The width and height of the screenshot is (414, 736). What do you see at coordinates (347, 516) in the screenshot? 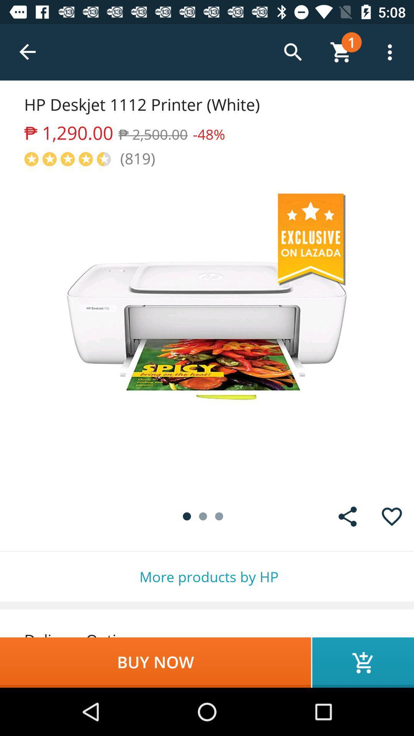
I see `share page` at bounding box center [347, 516].